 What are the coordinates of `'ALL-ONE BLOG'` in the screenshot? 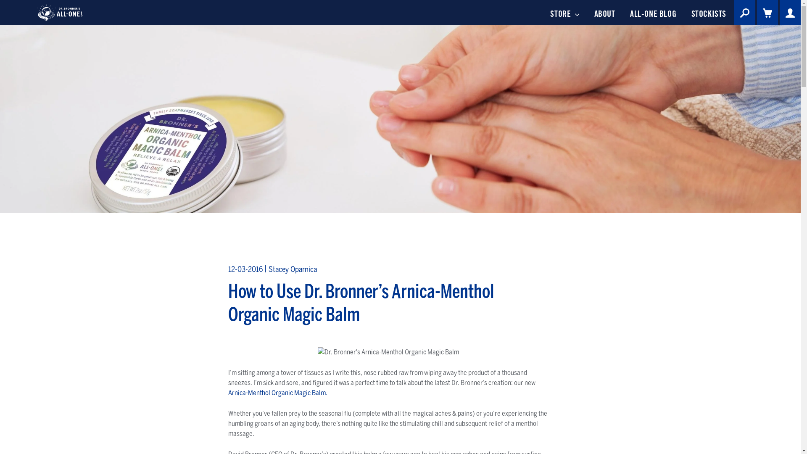 It's located at (623, 13).